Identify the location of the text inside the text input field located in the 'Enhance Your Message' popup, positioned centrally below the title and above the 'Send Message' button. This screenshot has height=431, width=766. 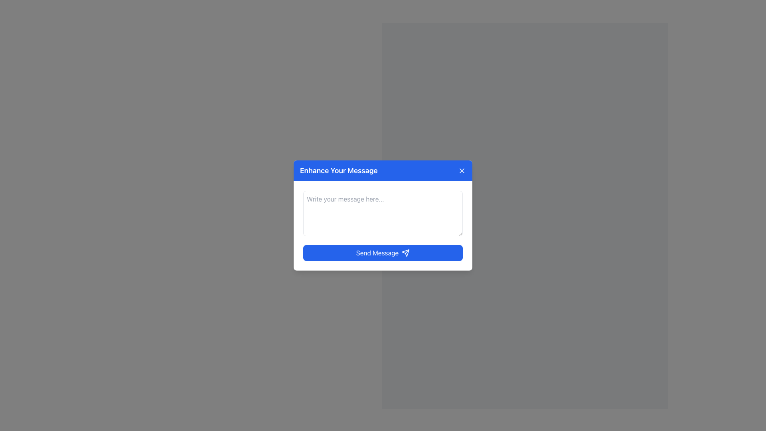
(383, 226).